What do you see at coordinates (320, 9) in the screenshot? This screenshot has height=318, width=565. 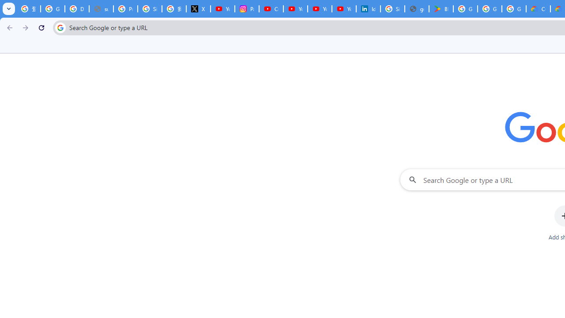 I see `'YouTube Culture & Trends - YouTube Top 10, 2021'` at bounding box center [320, 9].